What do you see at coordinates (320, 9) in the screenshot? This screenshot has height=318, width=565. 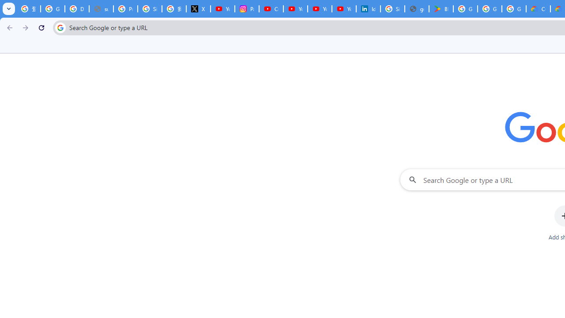 I see `'YouTube Culture & Trends - YouTube Top 10, 2021'` at bounding box center [320, 9].